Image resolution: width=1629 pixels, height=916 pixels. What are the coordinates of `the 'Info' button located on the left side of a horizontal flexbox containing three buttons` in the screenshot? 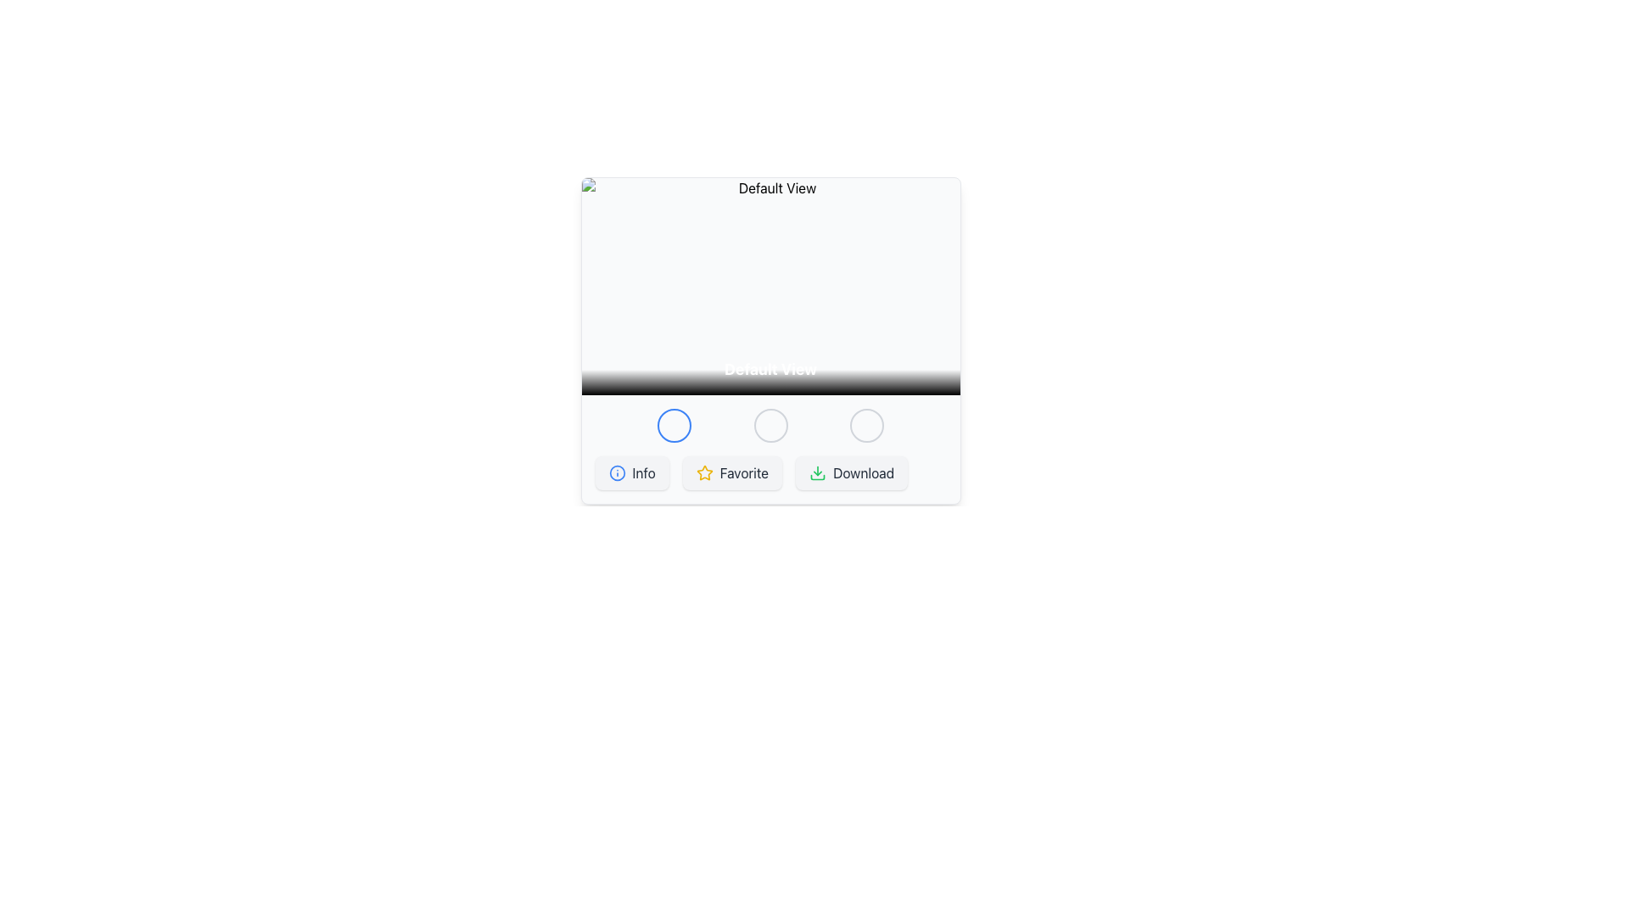 It's located at (631, 473).